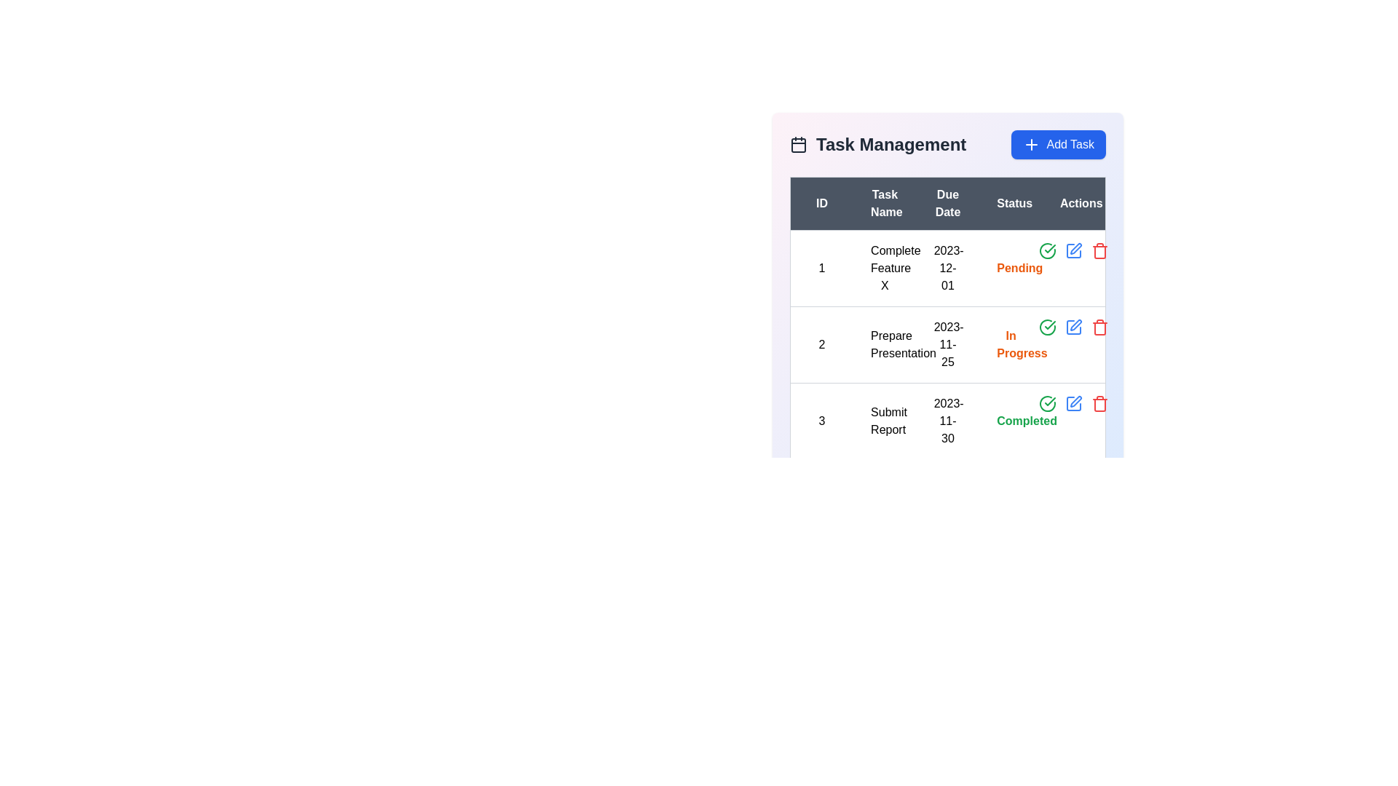 The height and width of the screenshot is (786, 1398). What do you see at coordinates (1010, 204) in the screenshot?
I see `the fourth column header labeled 'Status' in the table, which is positioned between 'Due Date' and 'Actions'` at bounding box center [1010, 204].